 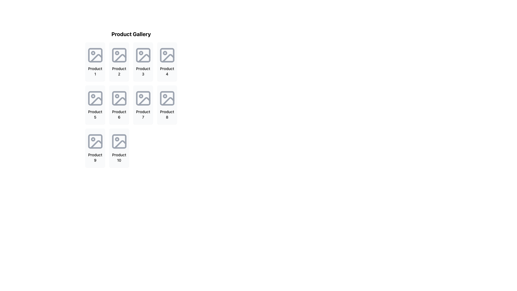 I want to click on the small circular shape within the 'Product 7' image placeholder icon located at the center of the seventh icon in a 4x3 grid layout, so click(x=141, y=96).